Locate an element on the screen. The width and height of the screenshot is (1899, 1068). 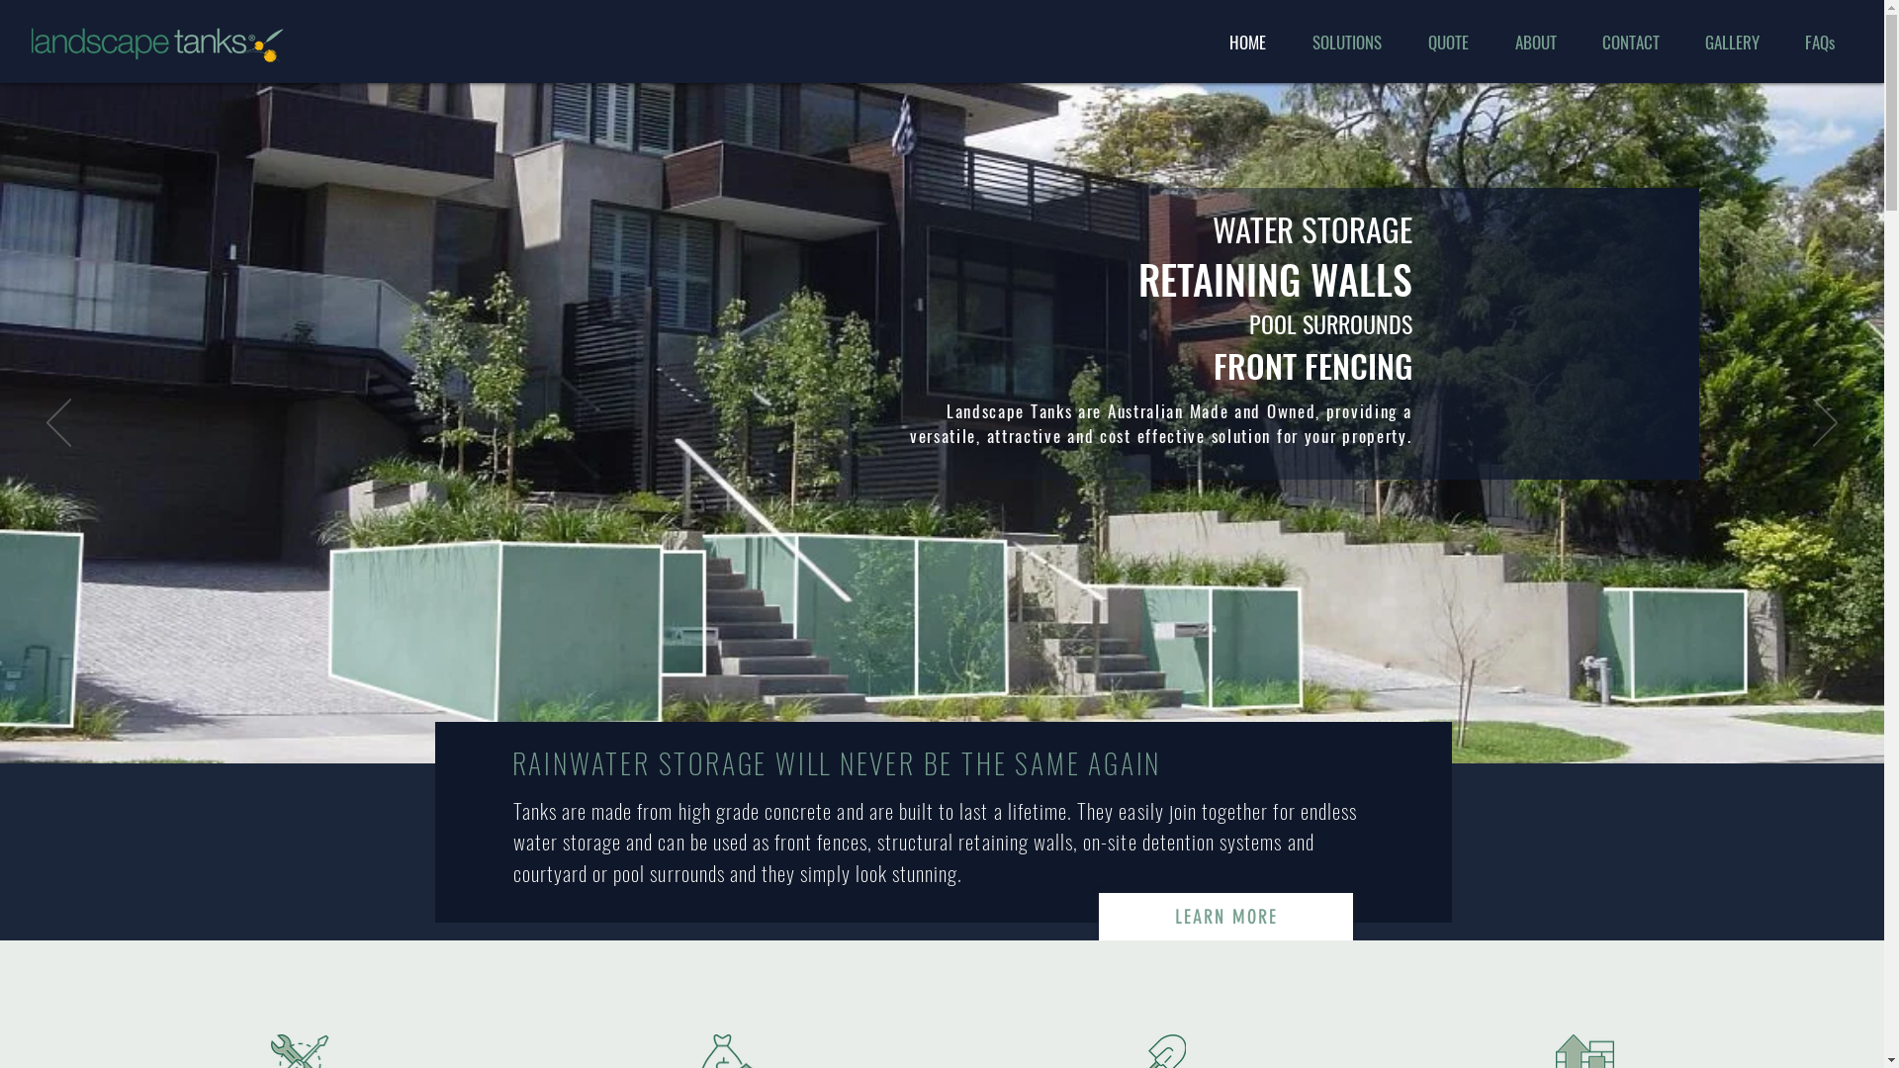
'Embedded Content' is located at coordinates (1855, 46).